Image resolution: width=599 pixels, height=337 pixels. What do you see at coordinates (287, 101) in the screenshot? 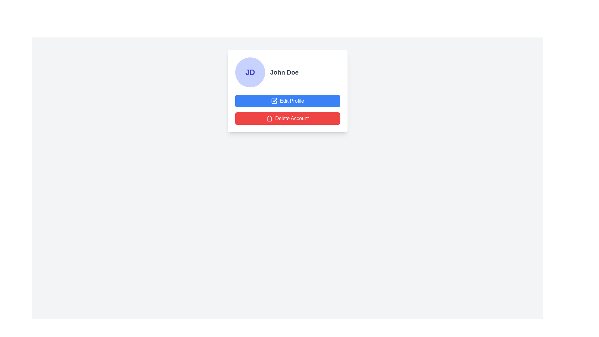
I see `the blue 'Edit Profile' button with white text and a pen icon` at bounding box center [287, 101].